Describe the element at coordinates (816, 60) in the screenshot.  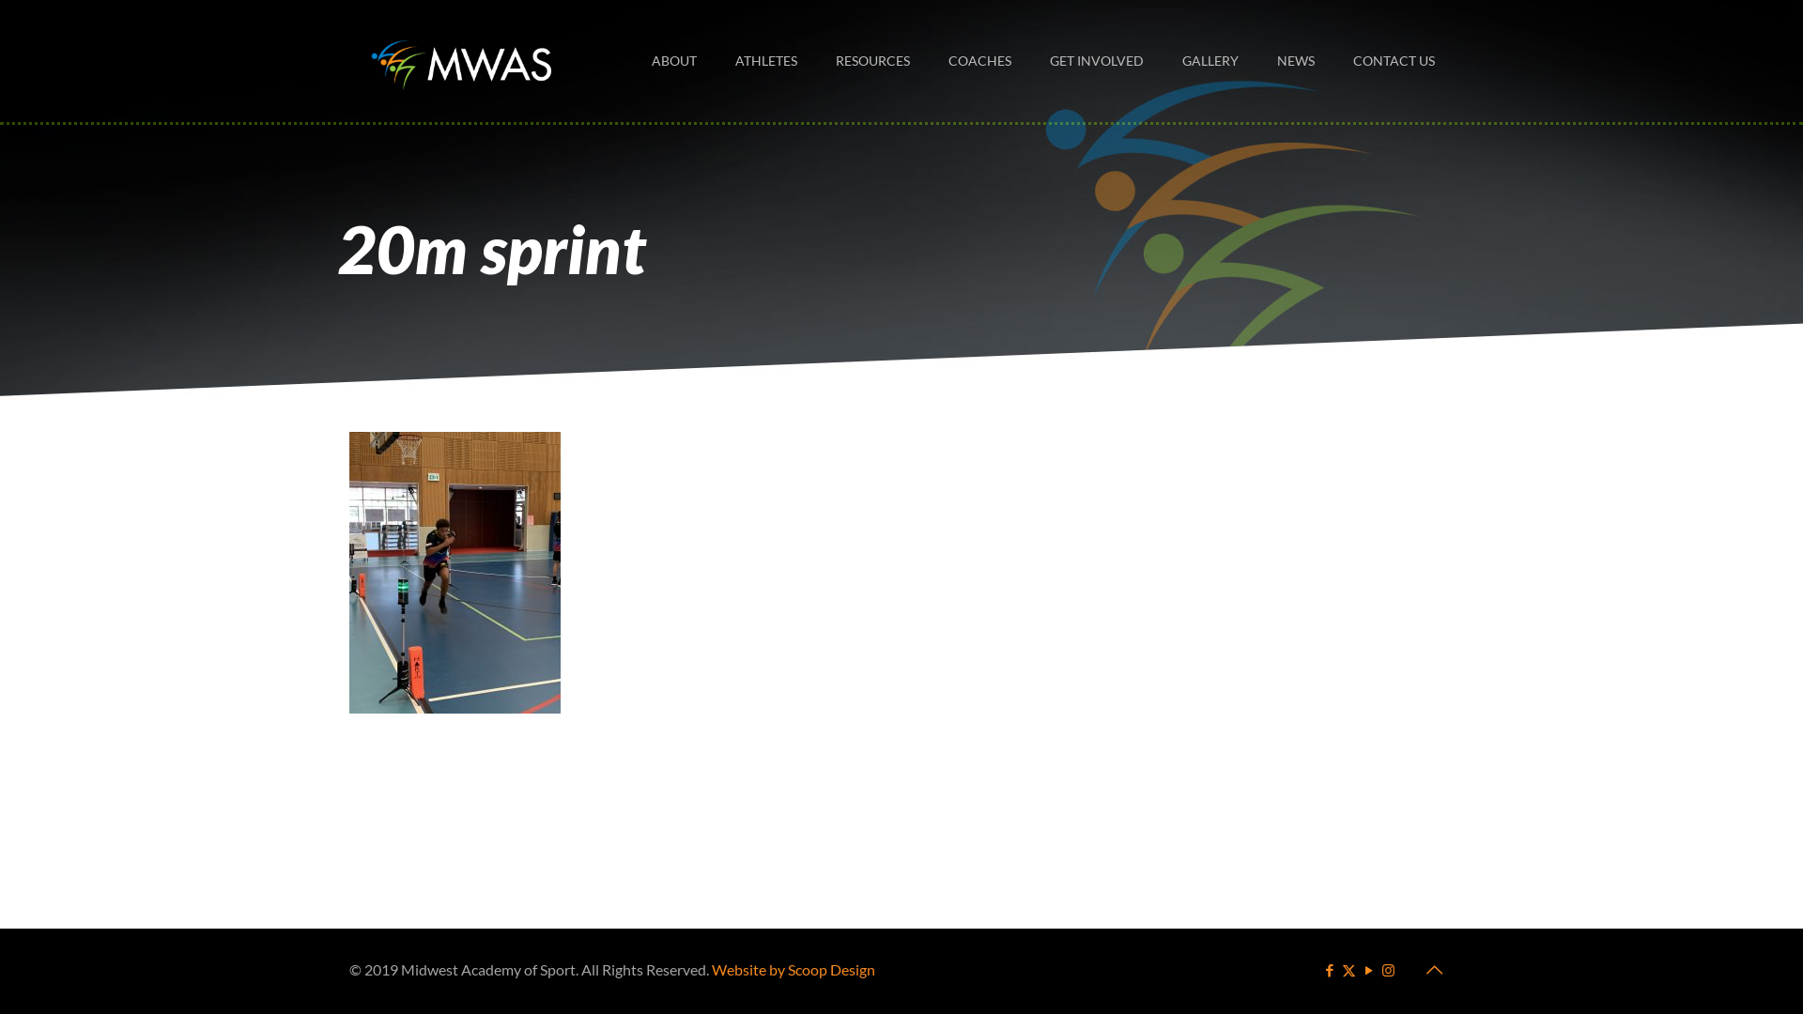
I see `'RESOURCES'` at that location.